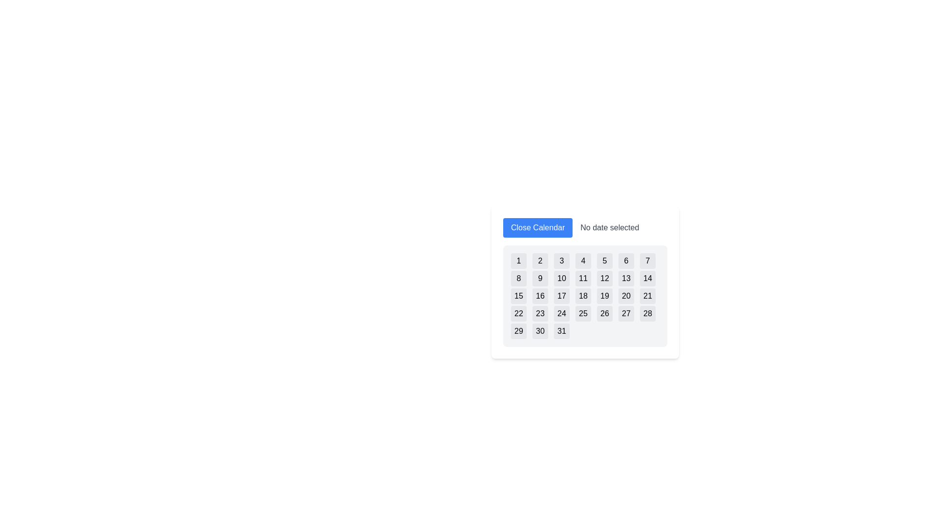  Describe the element at coordinates (539, 261) in the screenshot. I see `the square-shaped button displaying the number '2' with a light gray background` at that location.